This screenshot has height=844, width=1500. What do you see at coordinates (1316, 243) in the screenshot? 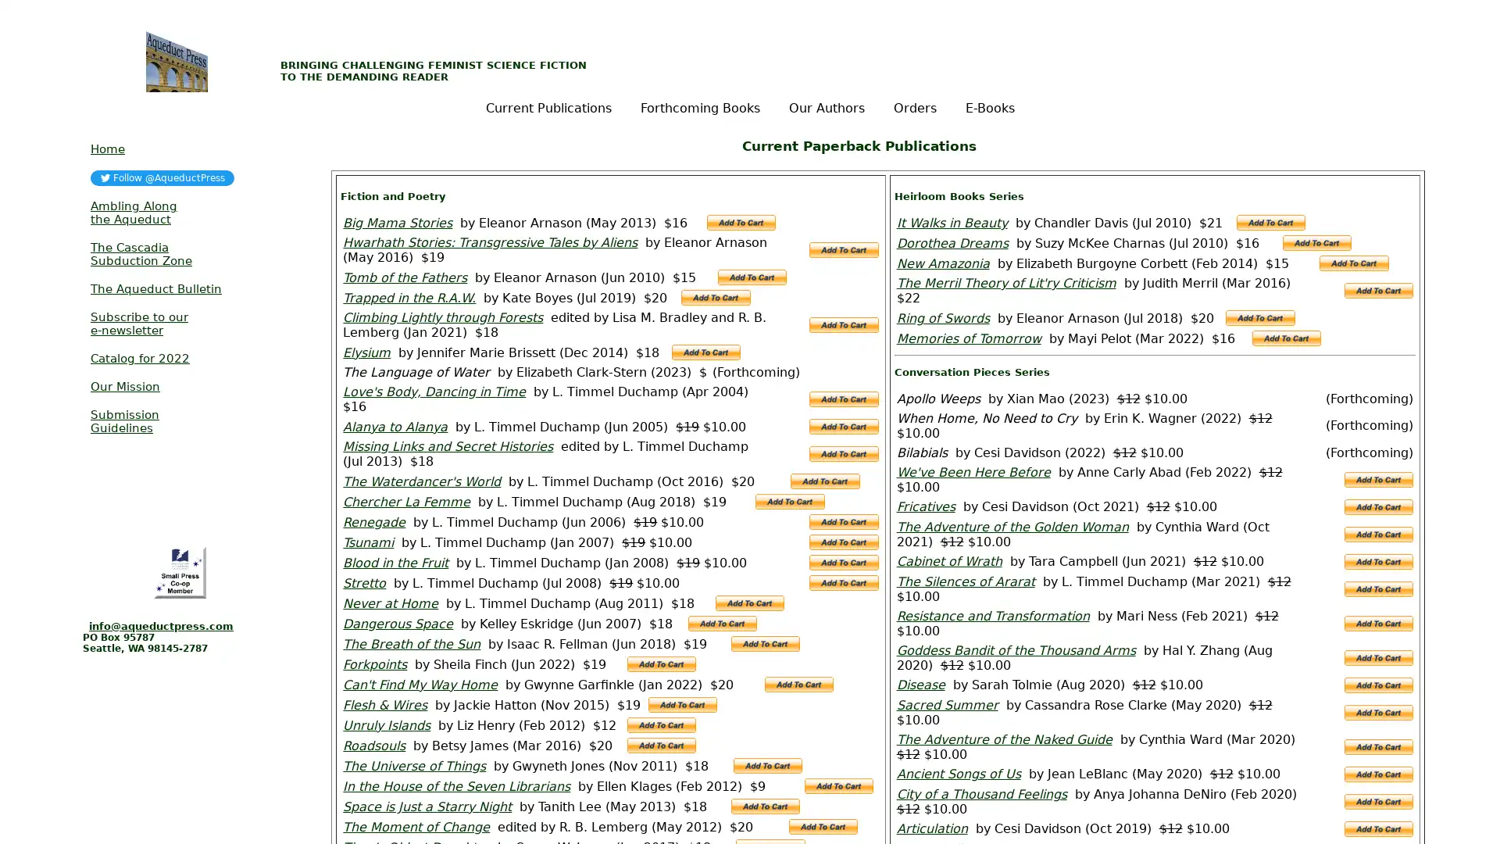
I see `Make payments with PayPal - it\'s fast, free and secure!` at bounding box center [1316, 243].